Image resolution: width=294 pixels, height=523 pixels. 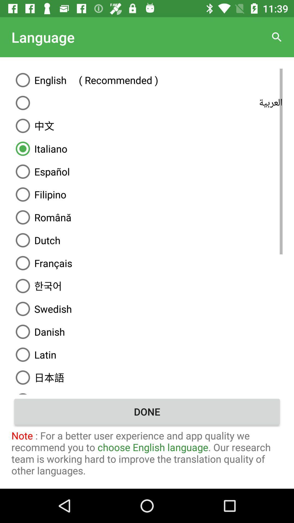 What do you see at coordinates (277, 37) in the screenshot?
I see `the icon to the right of language` at bounding box center [277, 37].